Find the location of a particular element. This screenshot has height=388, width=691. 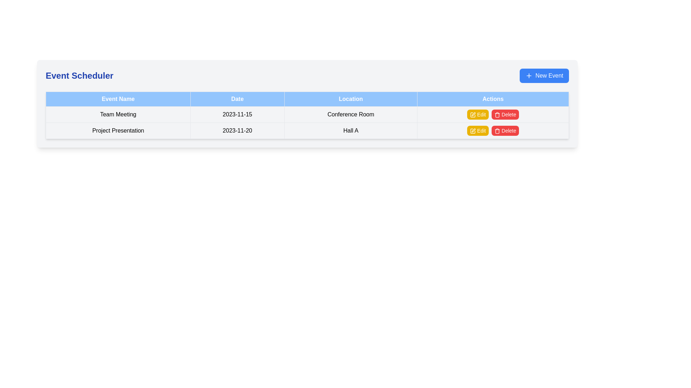

the red 'Delete' button with rounded corners and a trash can icon is located at coordinates (505, 114).